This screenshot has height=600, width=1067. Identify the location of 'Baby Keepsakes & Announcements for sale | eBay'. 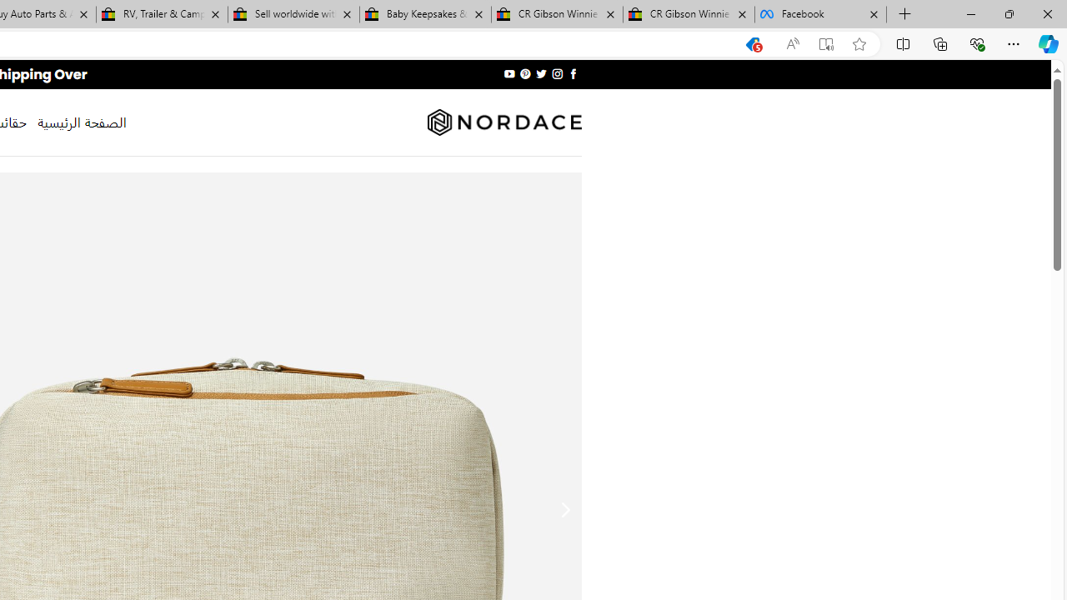
(425, 14).